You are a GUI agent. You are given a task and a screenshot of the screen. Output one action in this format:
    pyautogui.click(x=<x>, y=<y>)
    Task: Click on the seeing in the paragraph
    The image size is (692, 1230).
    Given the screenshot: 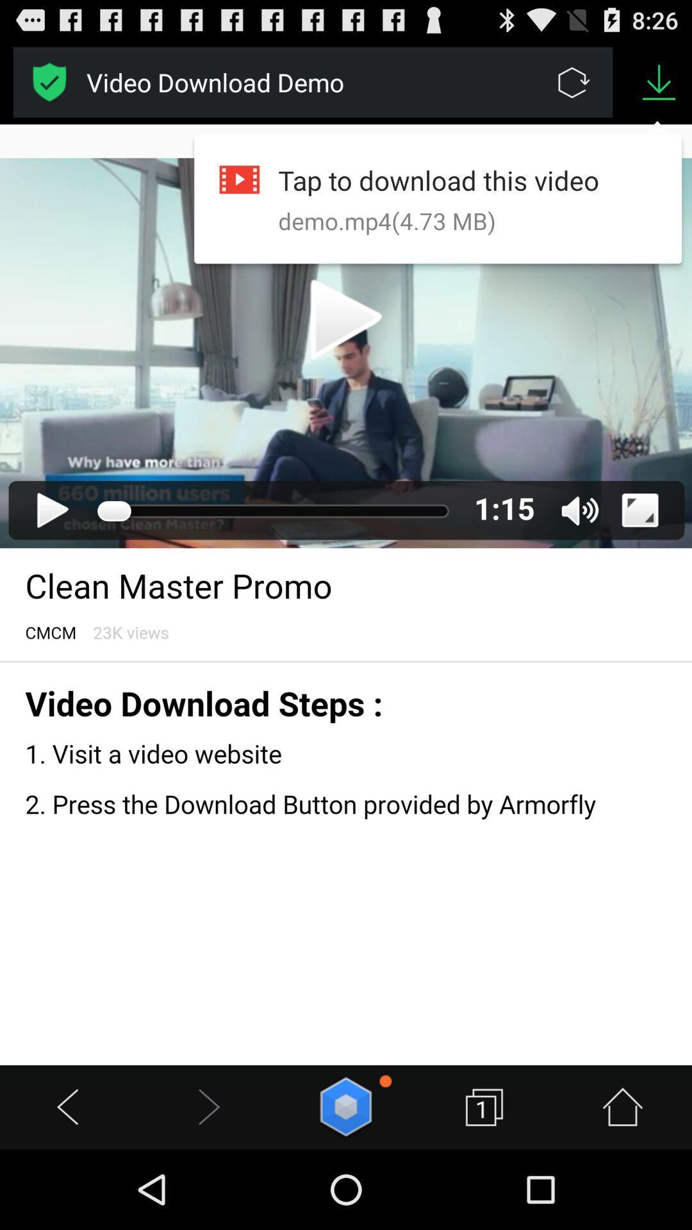 What is the action you would take?
    pyautogui.click(x=346, y=594)
    